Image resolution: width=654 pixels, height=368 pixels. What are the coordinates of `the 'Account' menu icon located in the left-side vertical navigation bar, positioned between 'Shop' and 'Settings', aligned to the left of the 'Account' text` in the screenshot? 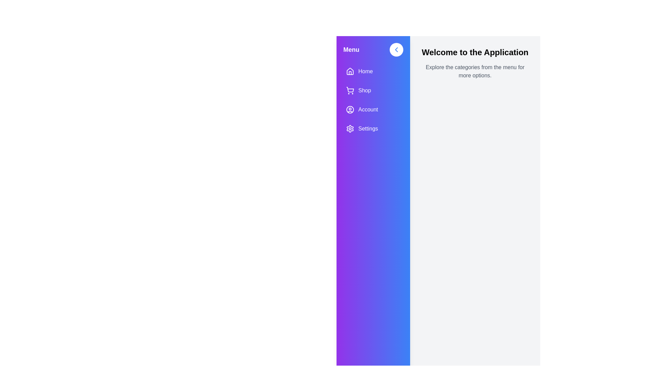 It's located at (350, 109).